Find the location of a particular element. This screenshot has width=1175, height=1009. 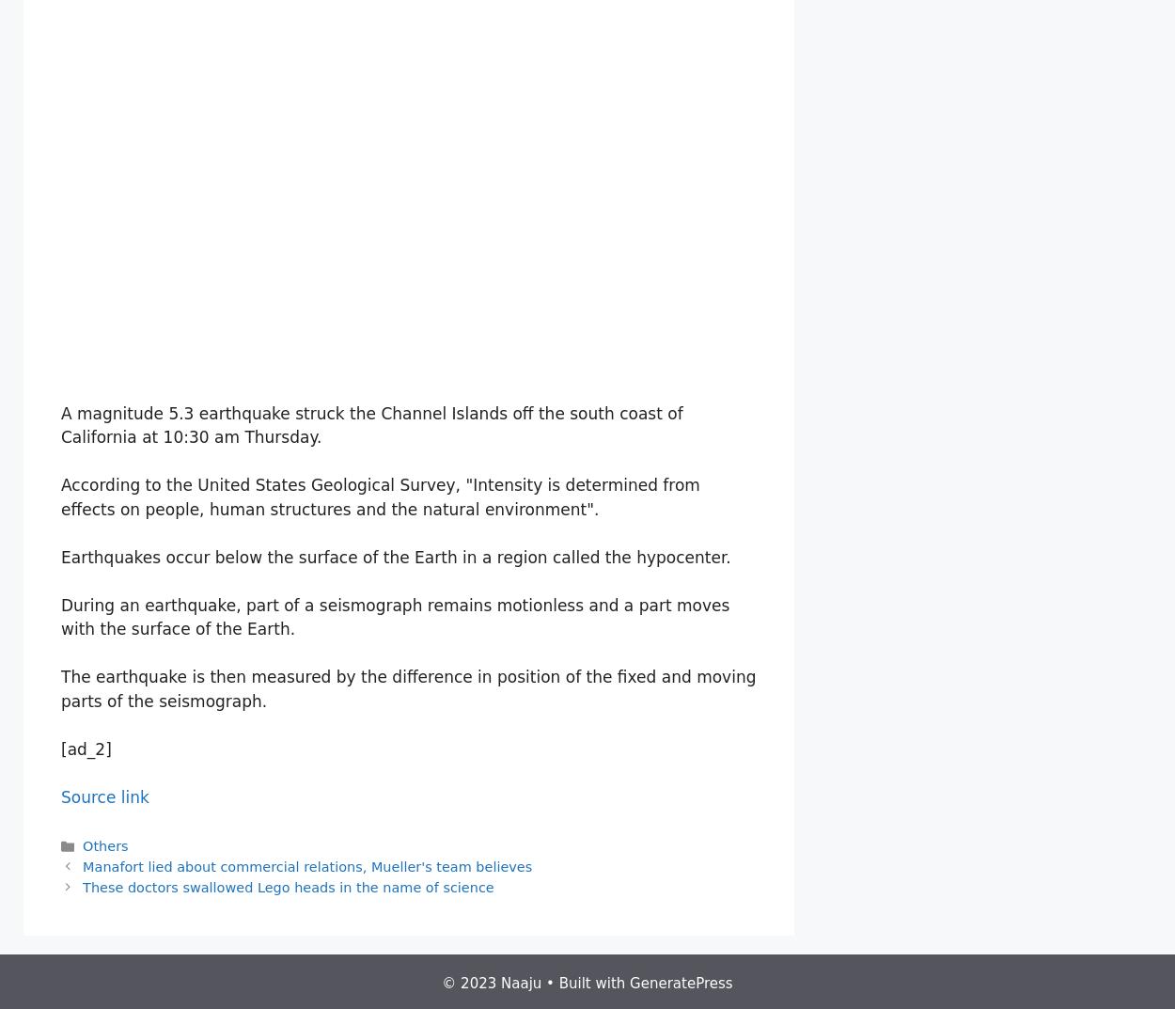

'Source link' is located at coordinates (103, 796).